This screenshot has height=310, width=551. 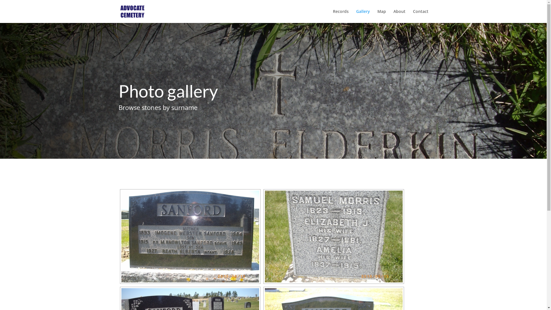 I want to click on 'Map', so click(x=381, y=16).